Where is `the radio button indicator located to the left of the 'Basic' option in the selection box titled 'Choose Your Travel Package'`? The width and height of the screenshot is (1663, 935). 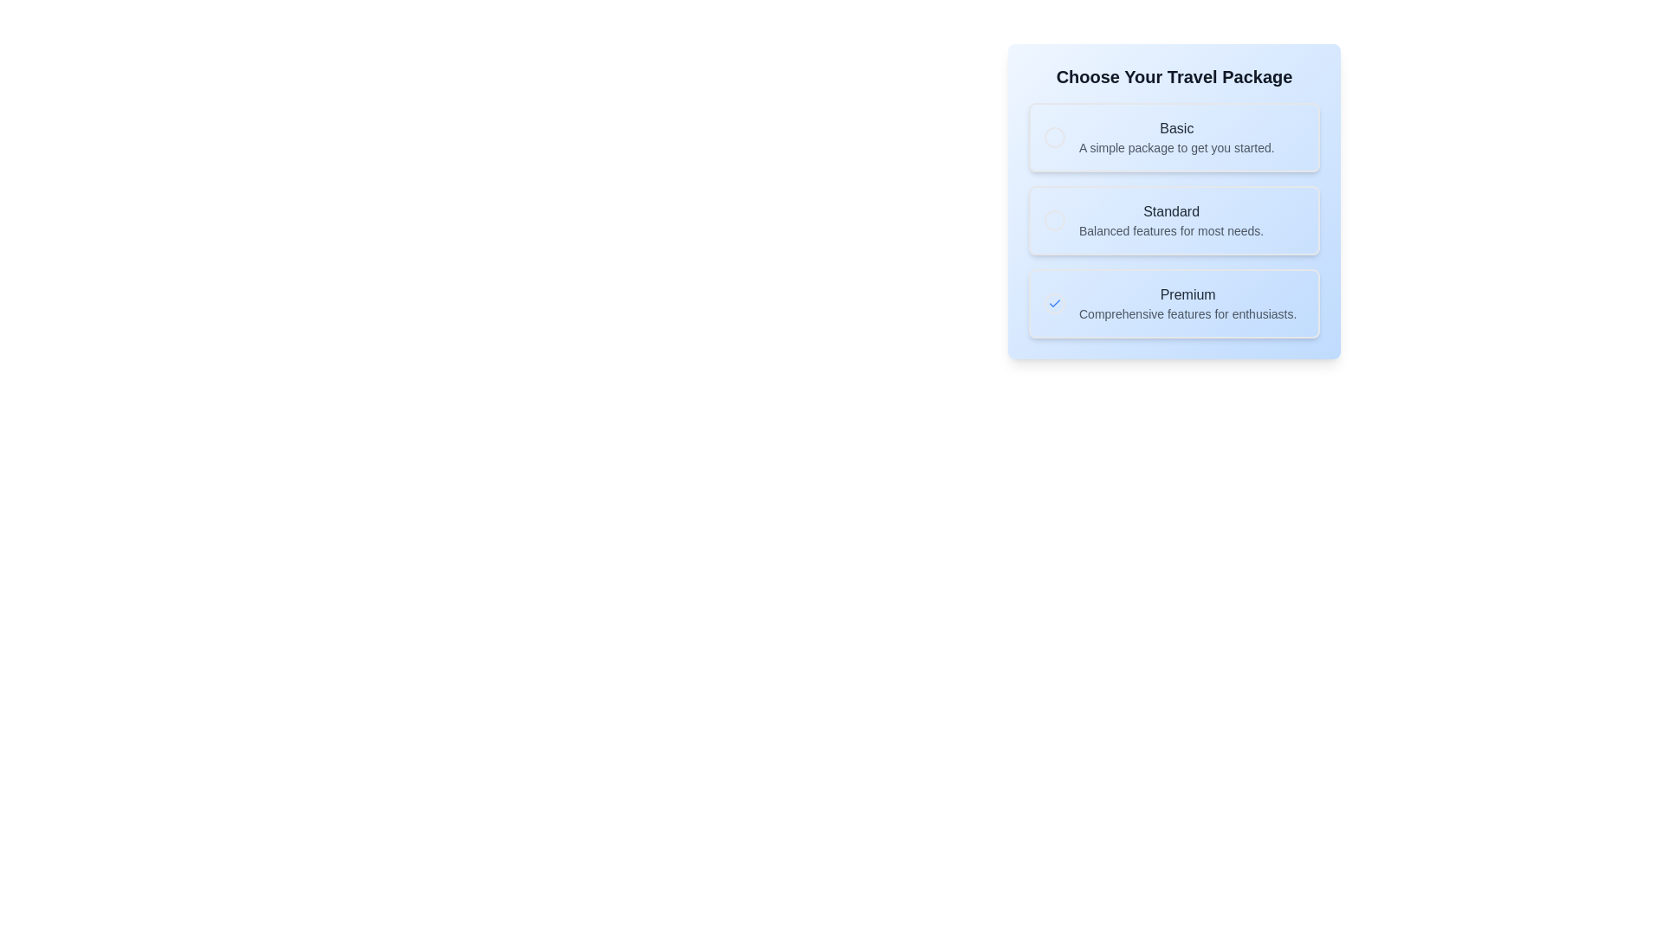 the radio button indicator located to the left of the 'Basic' option in the selection box titled 'Choose Your Travel Package' is located at coordinates (1054, 136).